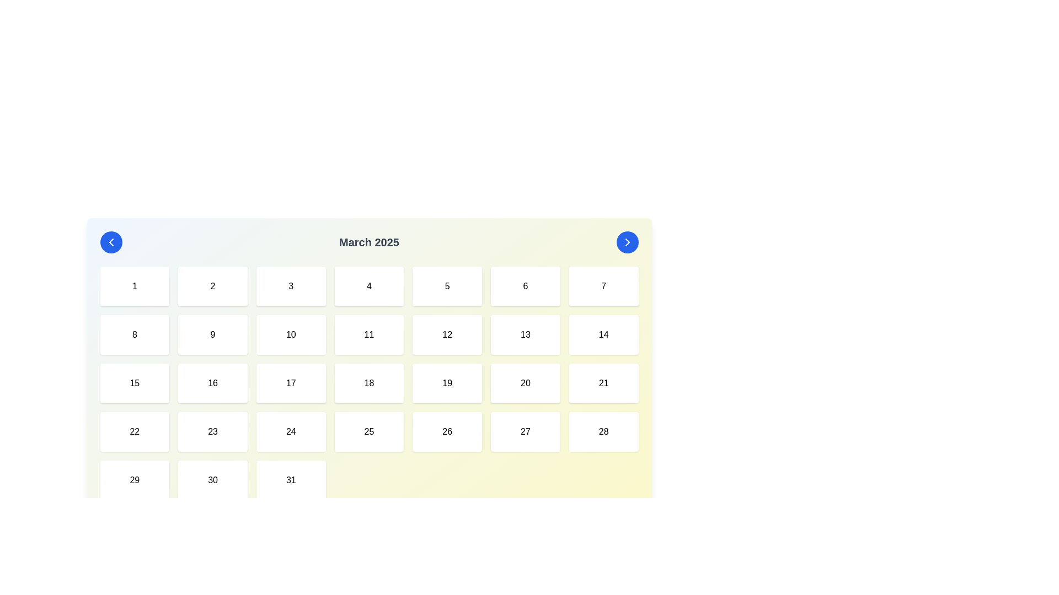  Describe the element at coordinates (603, 382) in the screenshot. I see `the button-like date selection component displaying '21'` at that location.